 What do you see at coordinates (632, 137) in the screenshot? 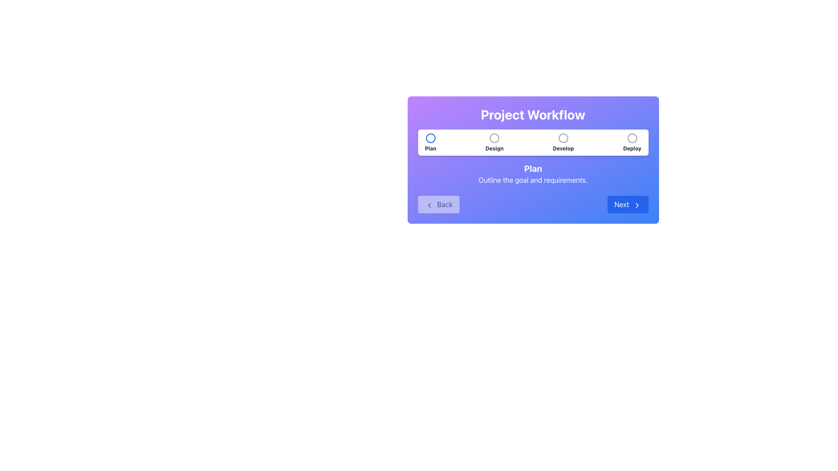
I see `the circular icon styled to resemble an empty circle with a gray stroke, located above the 'Deploy' text label on the far right of the navigation bar` at bounding box center [632, 137].